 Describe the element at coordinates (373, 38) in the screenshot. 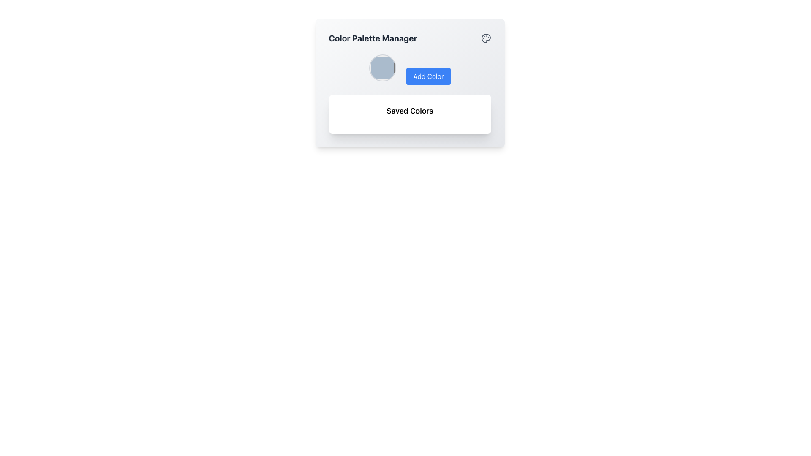

I see `the bold, large-sized text reading 'Color Palette Manager' in dark gray, located prominently at the top-left area of the interface` at that location.